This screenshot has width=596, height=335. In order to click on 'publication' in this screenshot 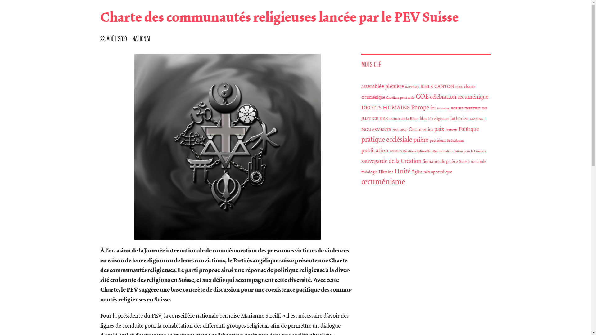, I will do `click(374, 150)`.